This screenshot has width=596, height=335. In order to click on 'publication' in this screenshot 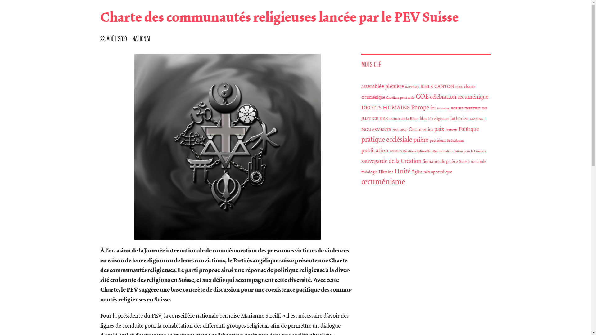, I will do `click(374, 150)`.